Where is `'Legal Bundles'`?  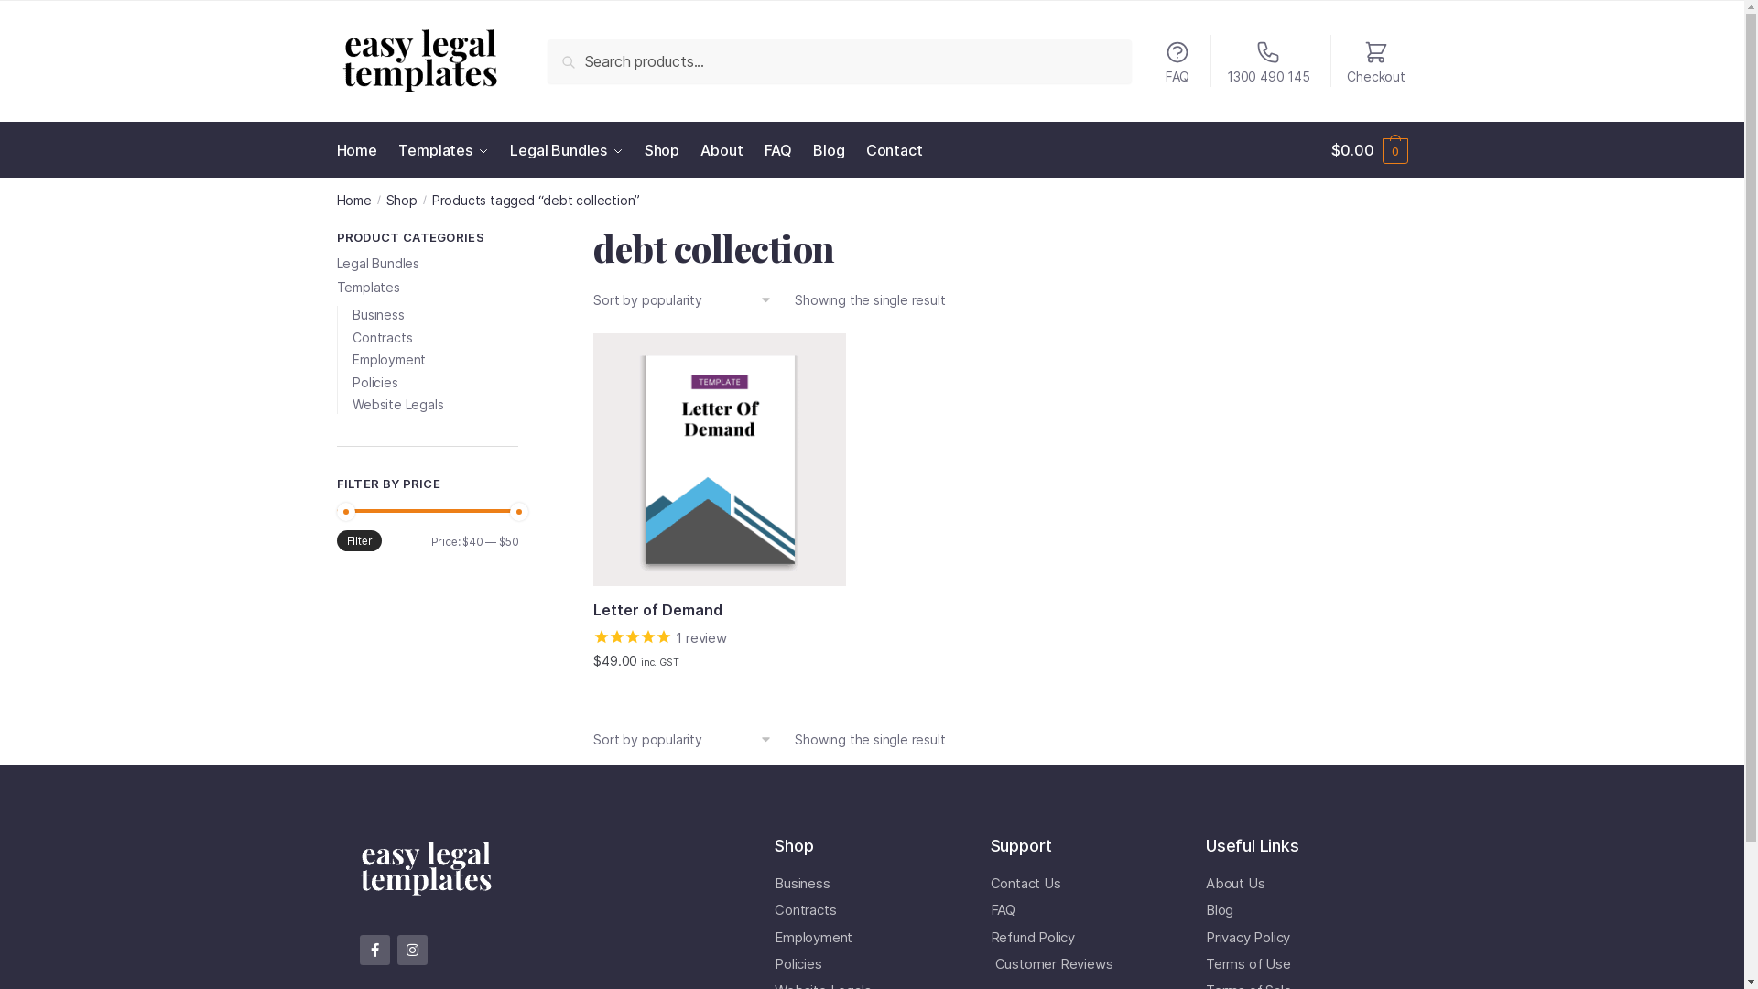
'Legal Bundles' is located at coordinates (376, 263).